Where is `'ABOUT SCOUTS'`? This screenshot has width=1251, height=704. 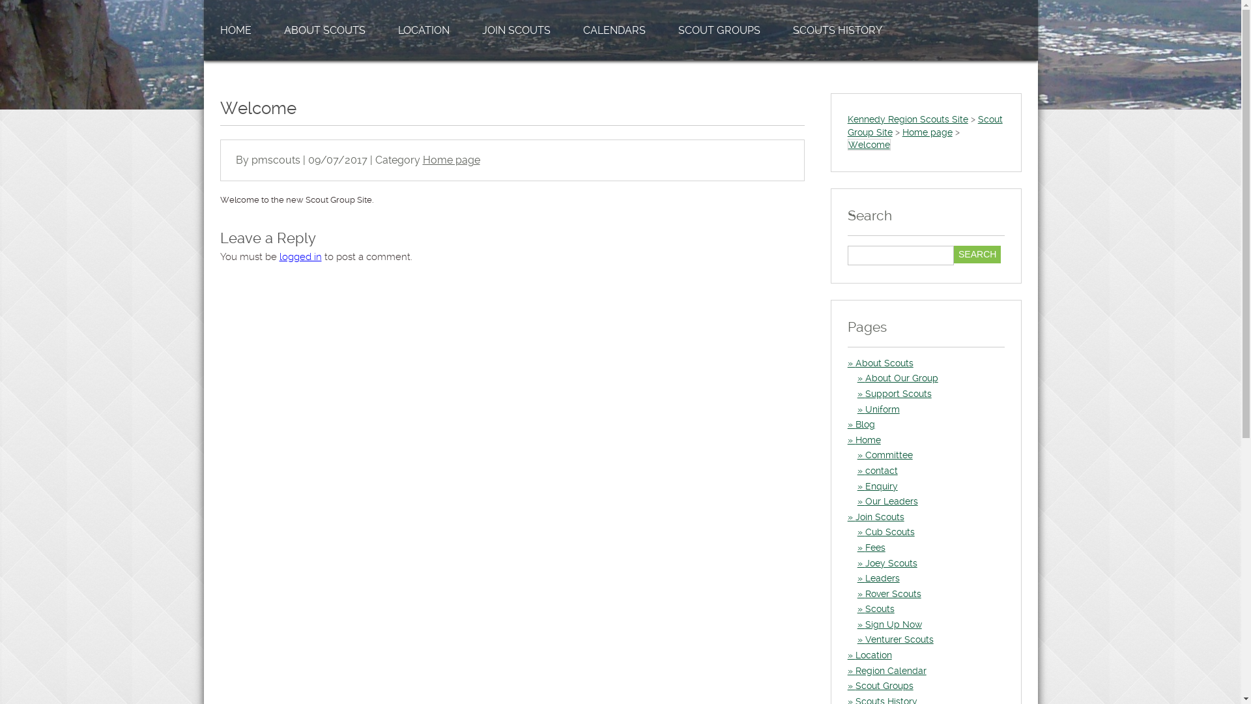
'ABOUT SCOUTS' is located at coordinates (324, 29).